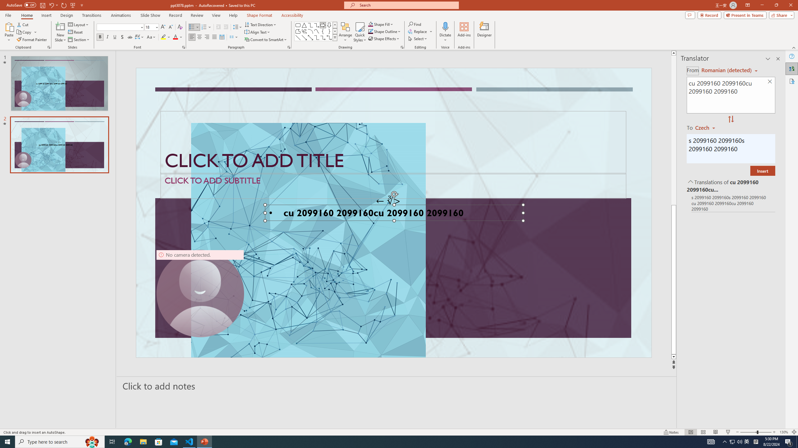  Describe the element at coordinates (310, 37) in the screenshot. I see `'Line Arrow: Double'` at that location.